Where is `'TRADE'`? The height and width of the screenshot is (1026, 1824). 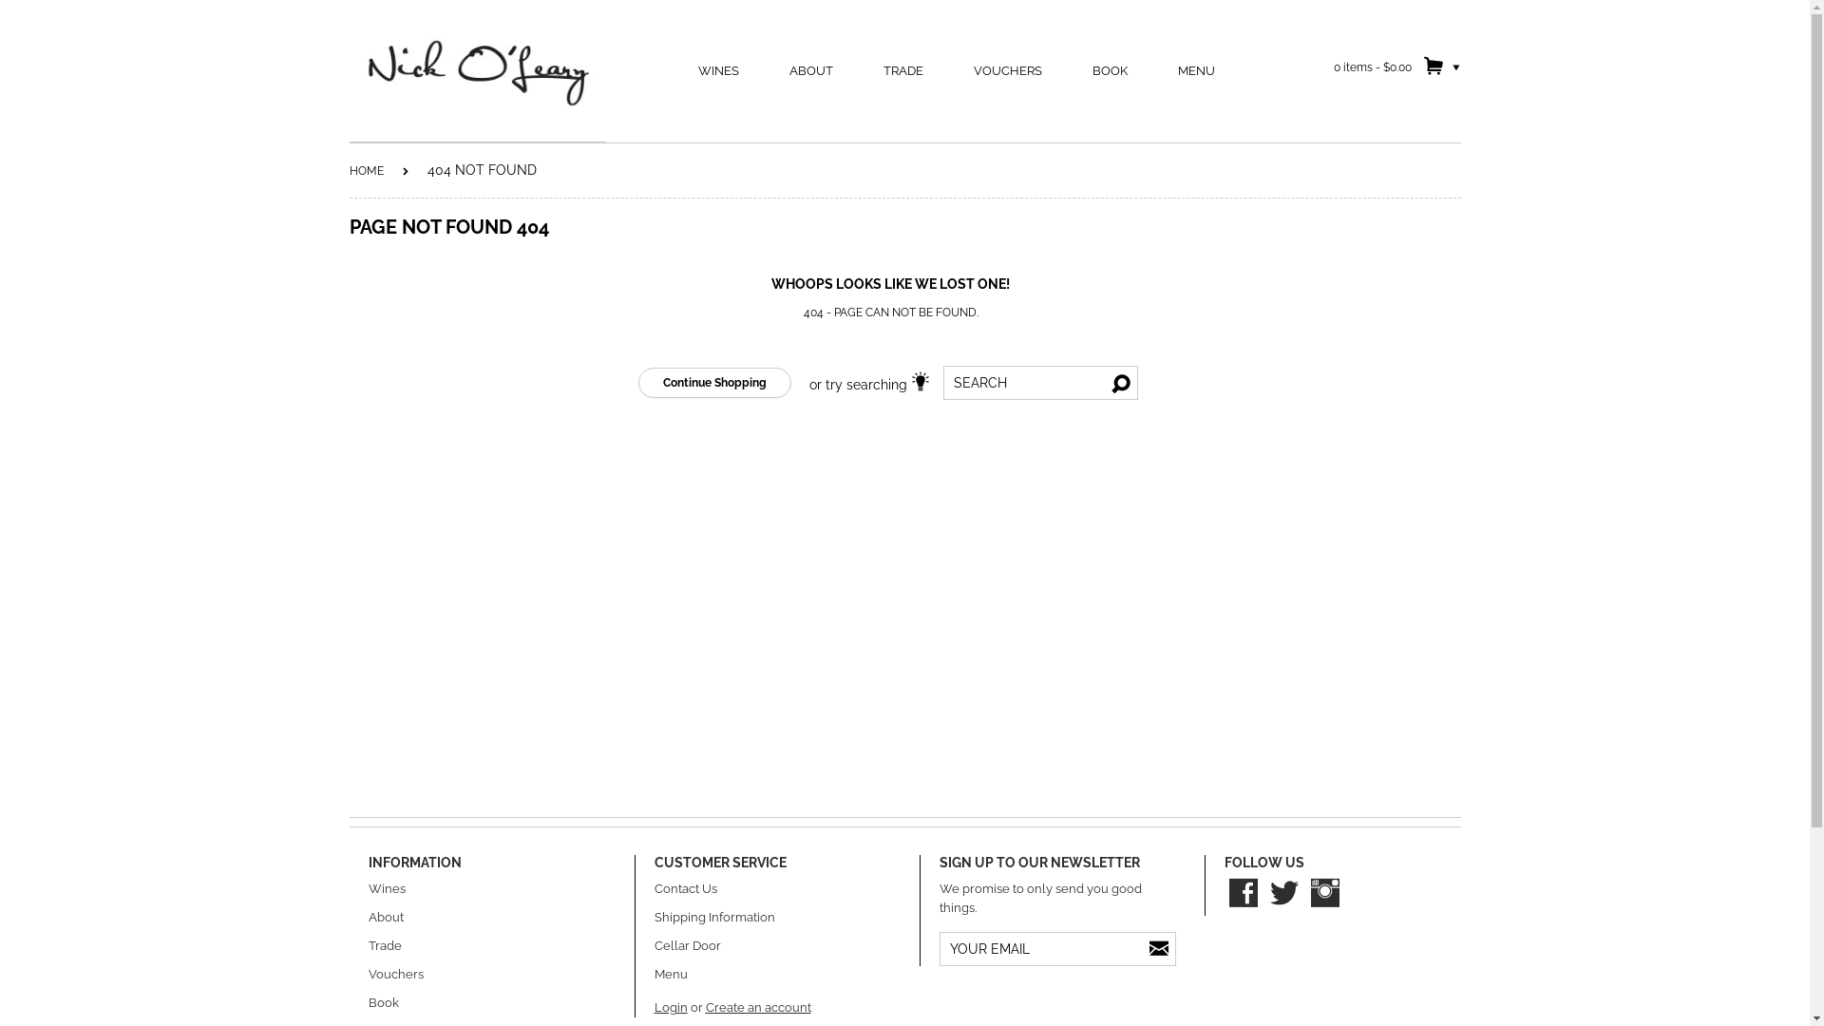
'TRADE' is located at coordinates (902, 69).